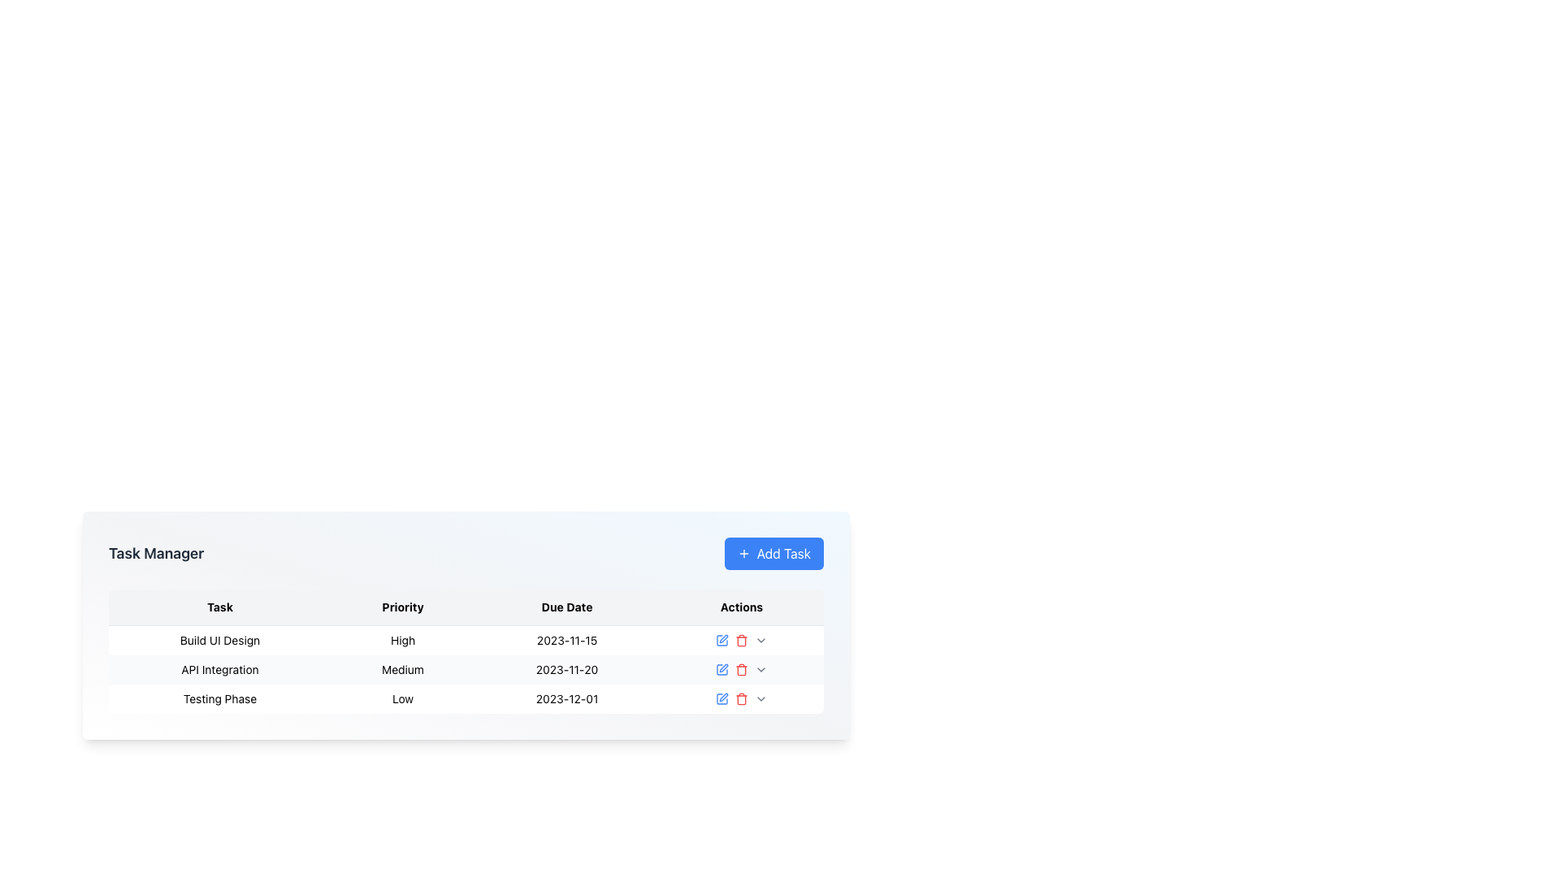 This screenshot has height=877, width=1560. What do you see at coordinates (741, 698) in the screenshot?
I see `the action toolbar in the Actions column of the last row corresponding to the task named 'Testing Phase' with a priority of 'Low' and a due date '2023-12-01'` at bounding box center [741, 698].